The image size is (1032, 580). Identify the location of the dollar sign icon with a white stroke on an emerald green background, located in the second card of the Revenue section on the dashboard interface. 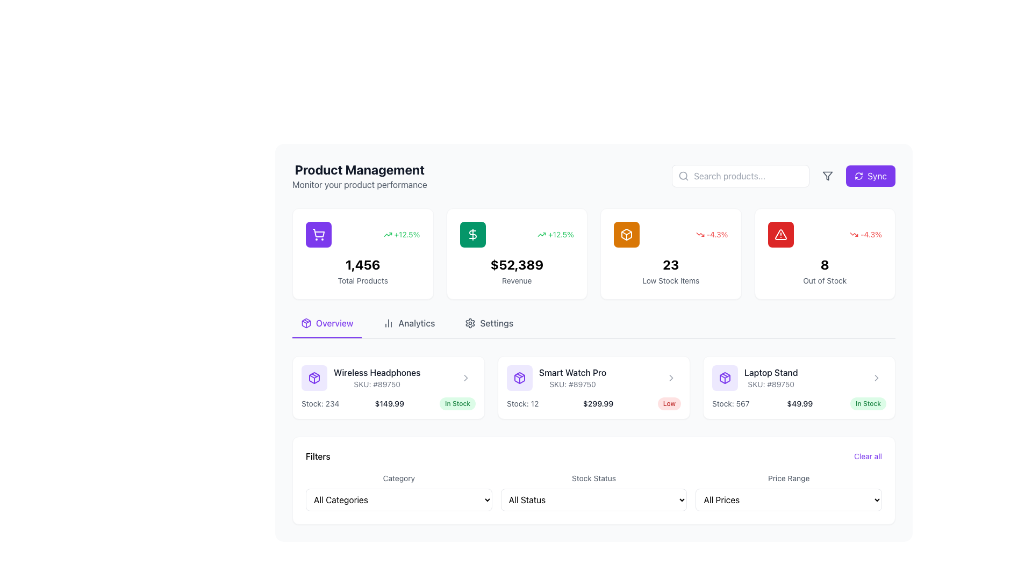
(472, 234).